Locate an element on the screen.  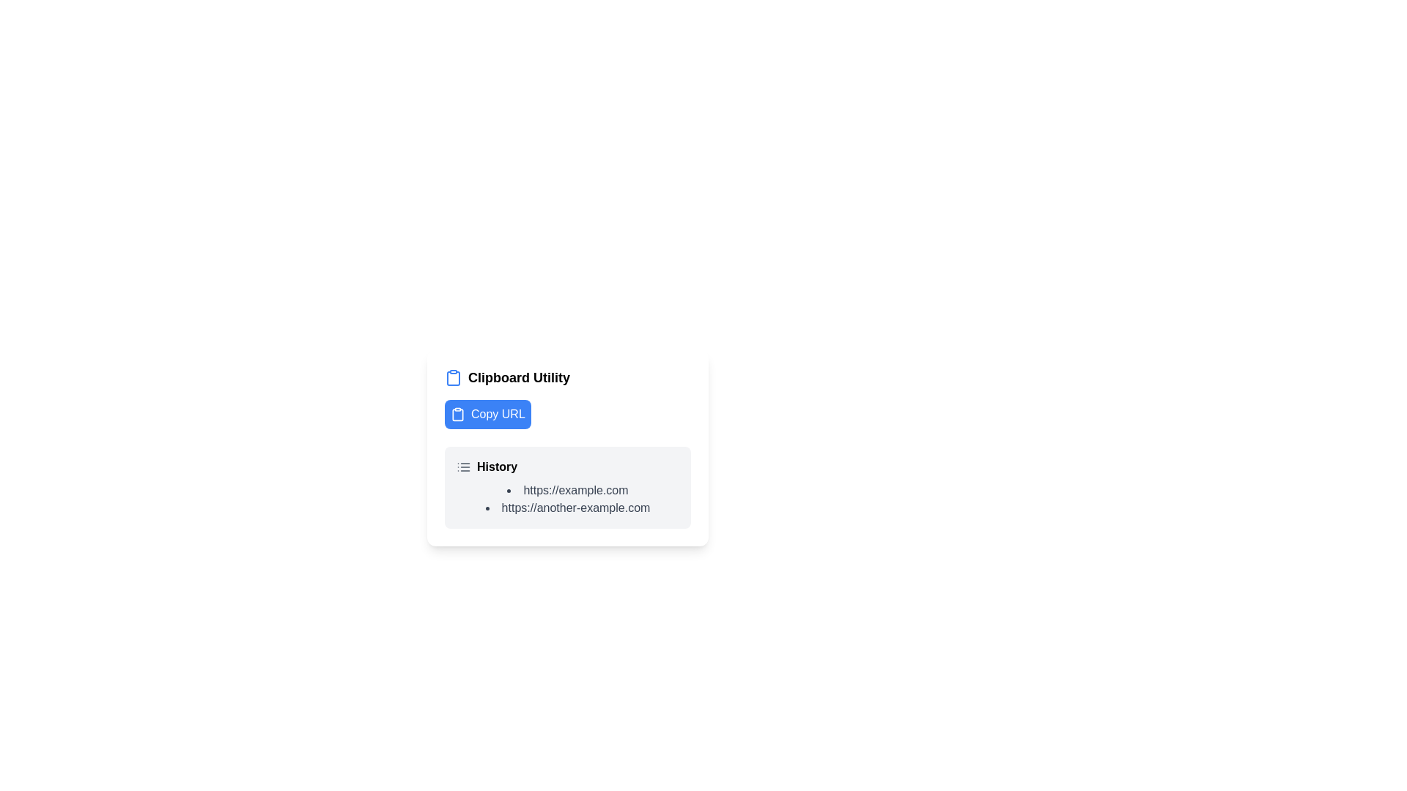
the second text link in the 'History' list is located at coordinates (566, 508).